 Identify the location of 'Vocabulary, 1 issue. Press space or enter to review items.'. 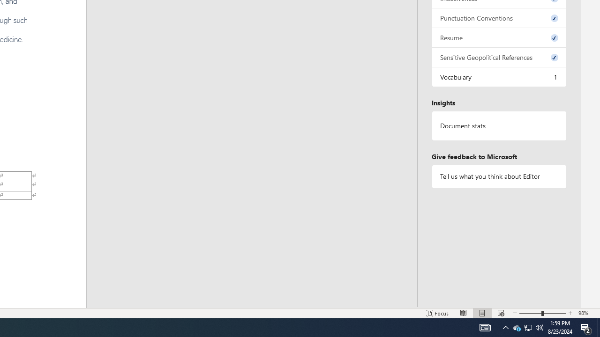
(498, 76).